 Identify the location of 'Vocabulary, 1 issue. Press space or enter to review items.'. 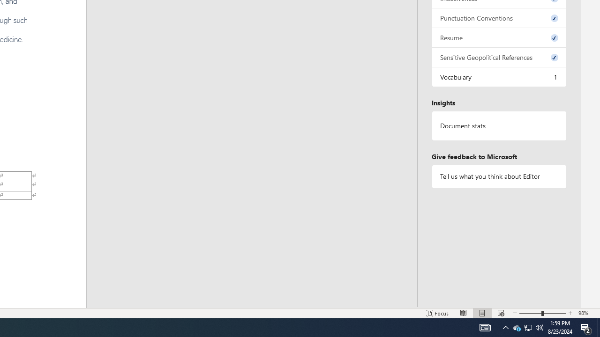
(498, 76).